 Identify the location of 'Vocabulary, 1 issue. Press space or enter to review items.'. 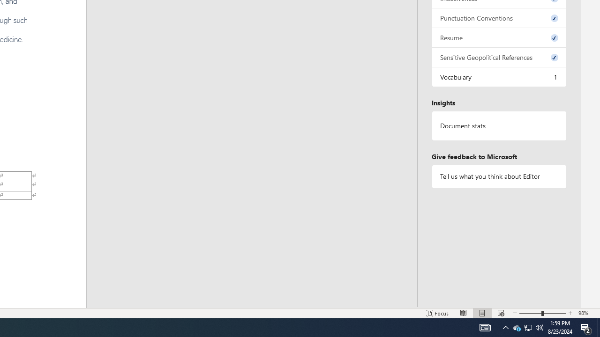
(498, 76).